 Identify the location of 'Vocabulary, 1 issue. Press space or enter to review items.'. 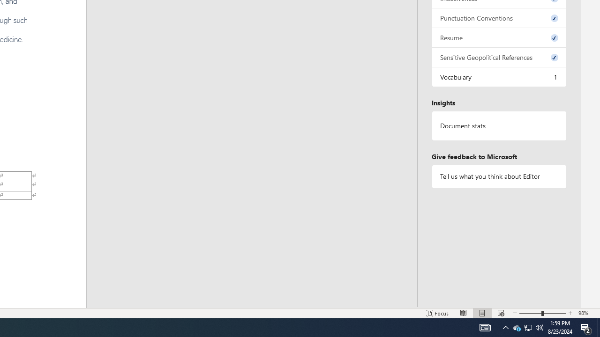
(498, 76).